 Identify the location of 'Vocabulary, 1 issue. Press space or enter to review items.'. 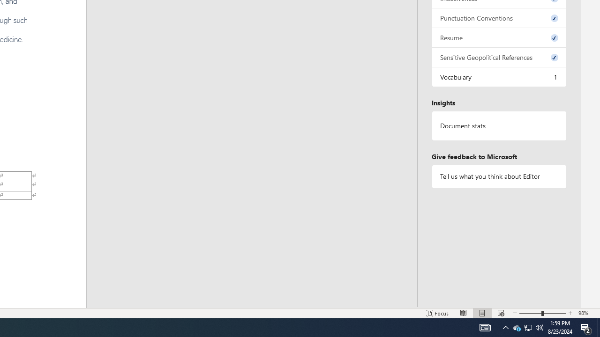
(498, 76).